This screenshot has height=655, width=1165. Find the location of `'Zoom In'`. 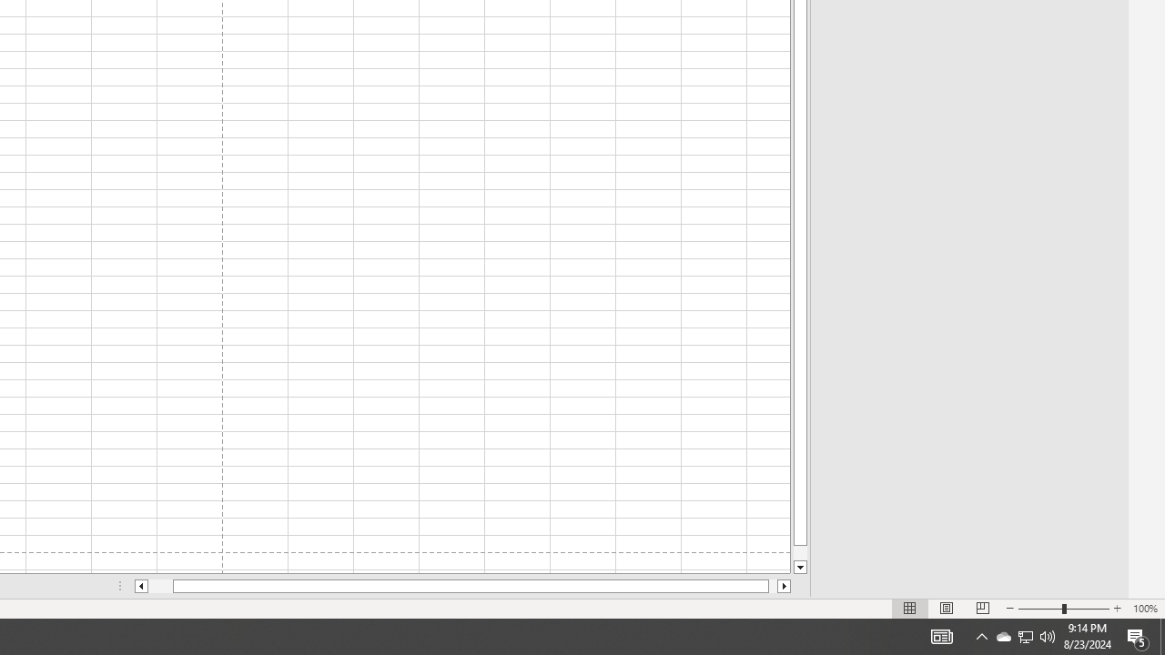

'Zoom In' is located at coordinates (1116, 609).